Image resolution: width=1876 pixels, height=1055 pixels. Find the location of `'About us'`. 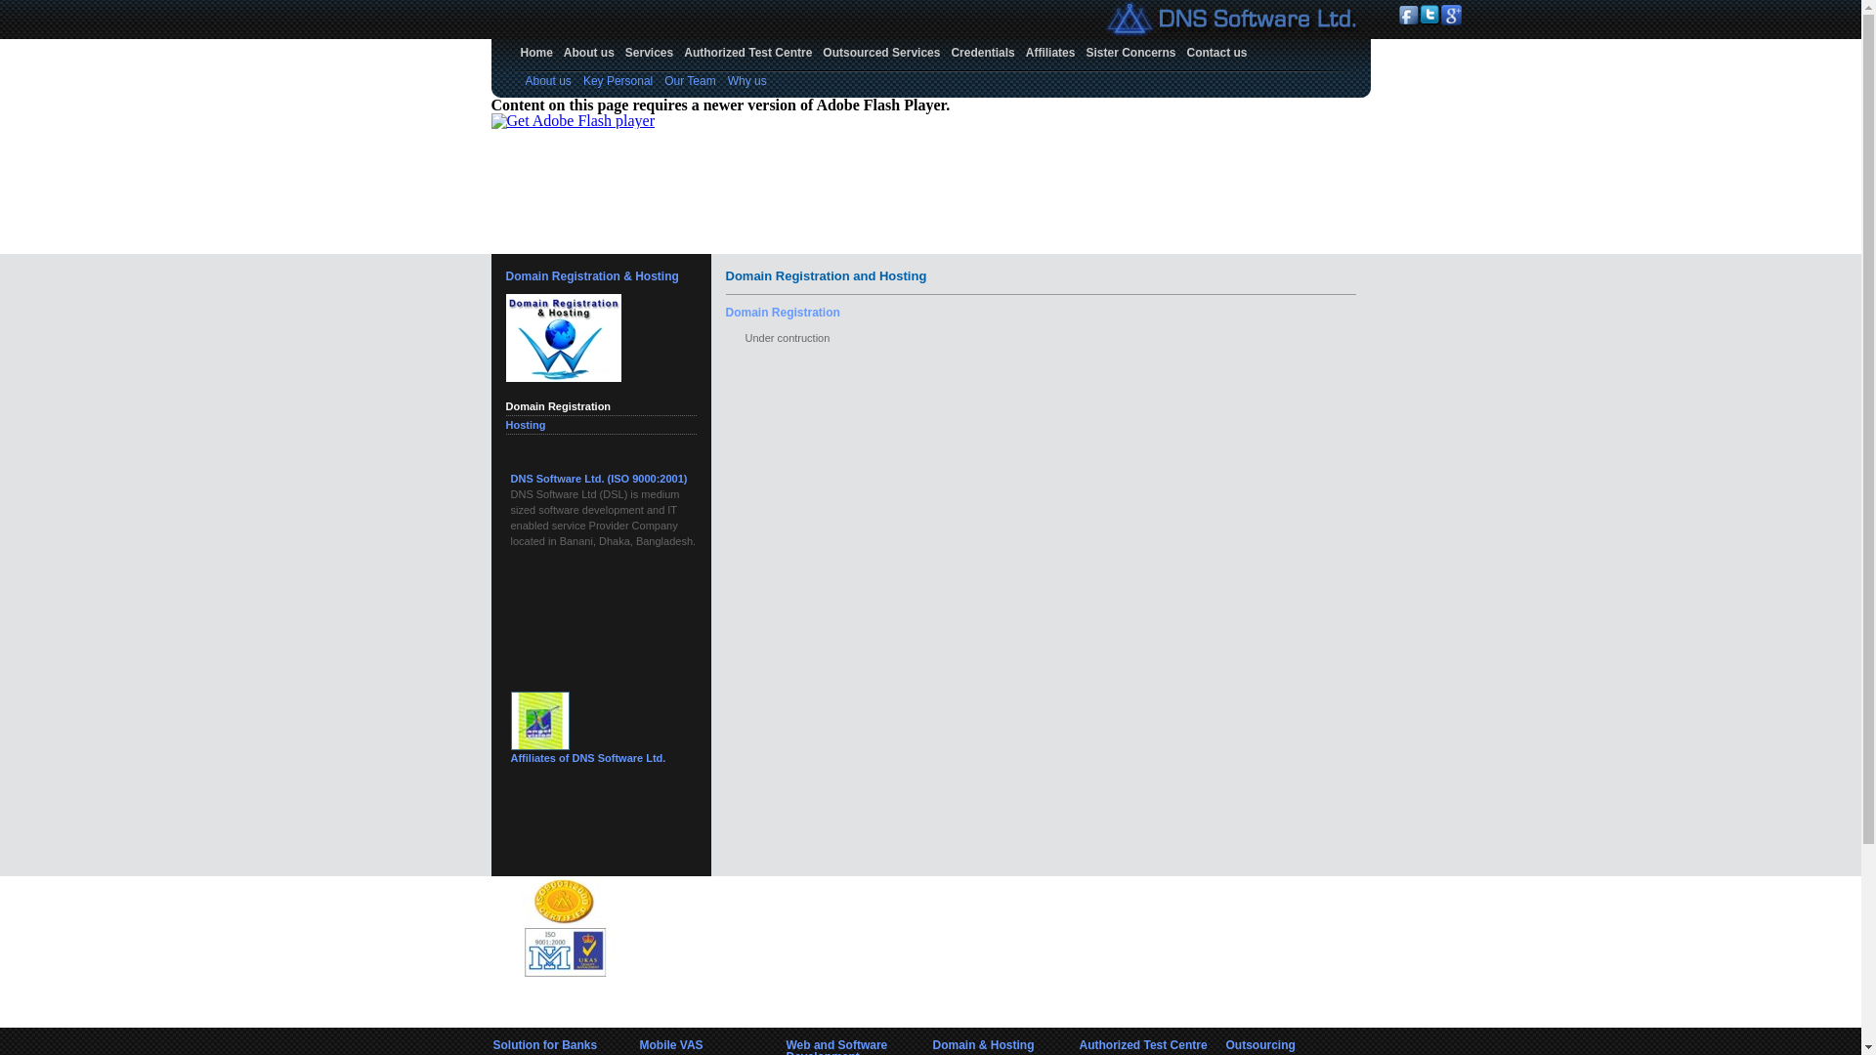

'About us' is located at coordinates (588, 52).